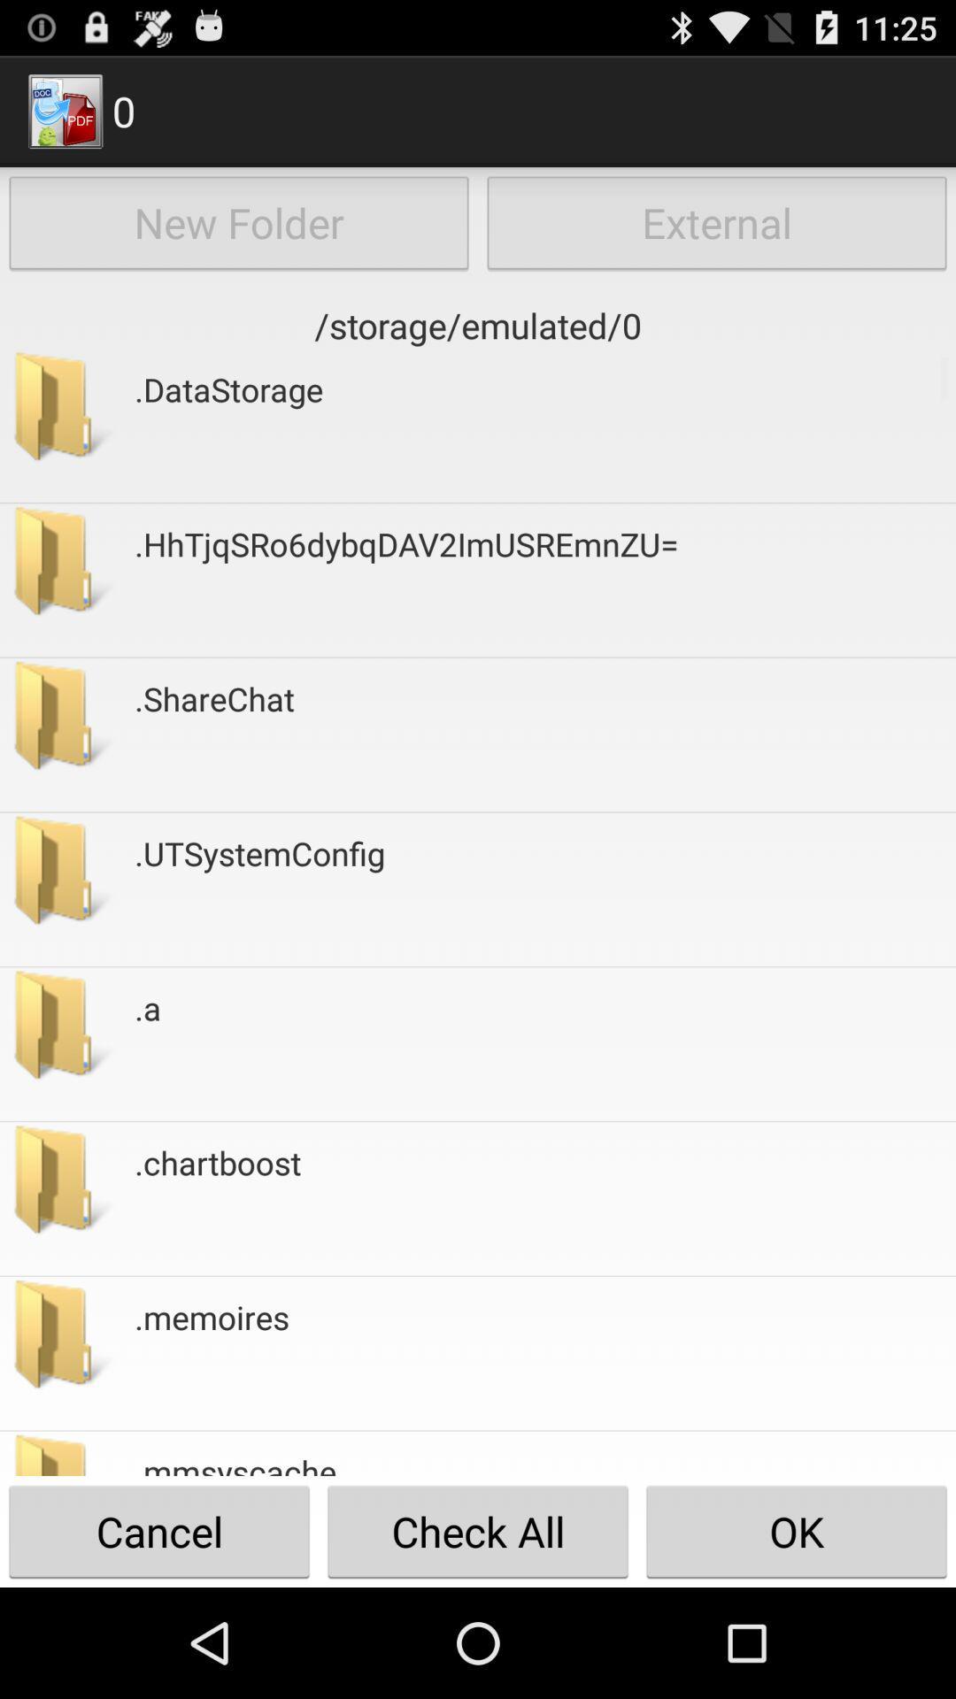 The height and width of the screenshot is (1699, 956). Describe the element at coordinates (239, 222) in the screenshot. I see `the button next to external button` at that location.